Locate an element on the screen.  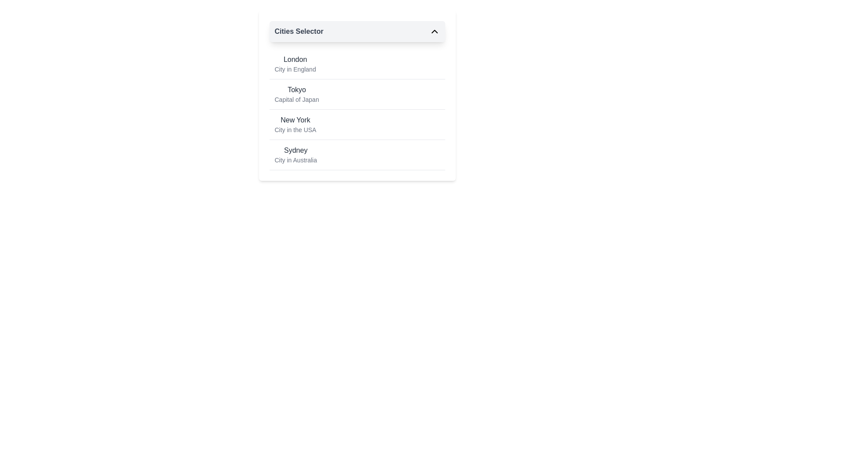
the text label displaying 'City in the USA' which is located below the main title 'New York' in the dropdown menu 'Cities Selector' is located at coordinates (295, 130).